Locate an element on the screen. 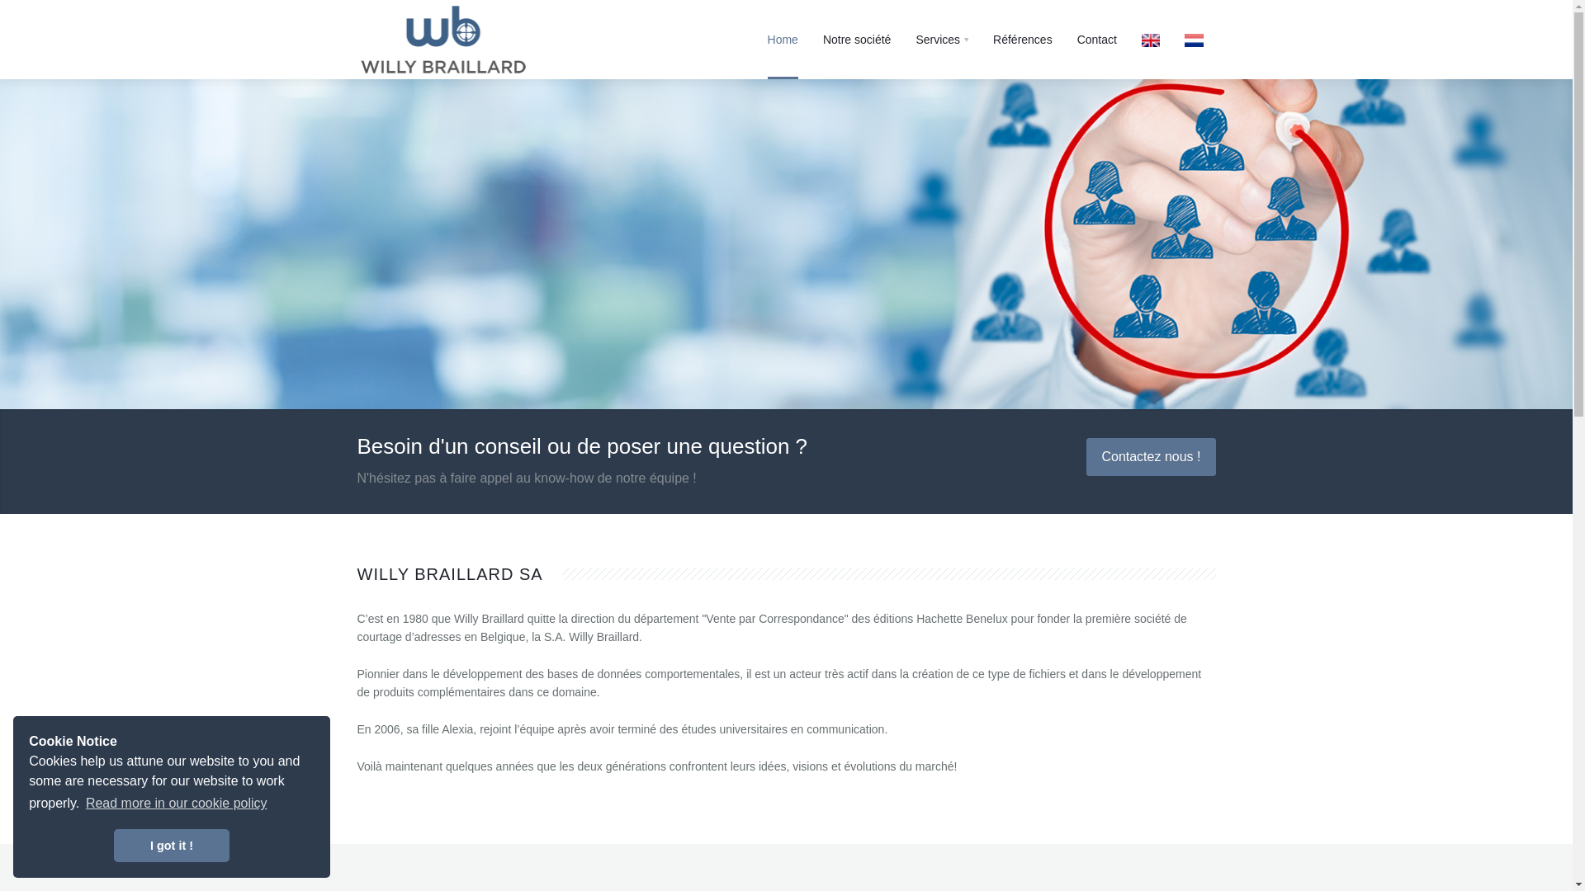 This screenshot has height=891, width=1585. 'Contactez nous !' is located at coordinates (1149, 457).